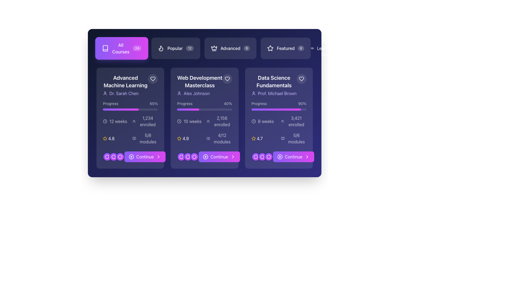 The image size is (516, 290). Describe the element at coordinates (130, 85) in the screenshot. I see `the Label element displaying 'Advanced Machine Learning' and 'Dr. Sarah Chen', which is located at the top-left section of the first course card in the grid of courses` at that location.